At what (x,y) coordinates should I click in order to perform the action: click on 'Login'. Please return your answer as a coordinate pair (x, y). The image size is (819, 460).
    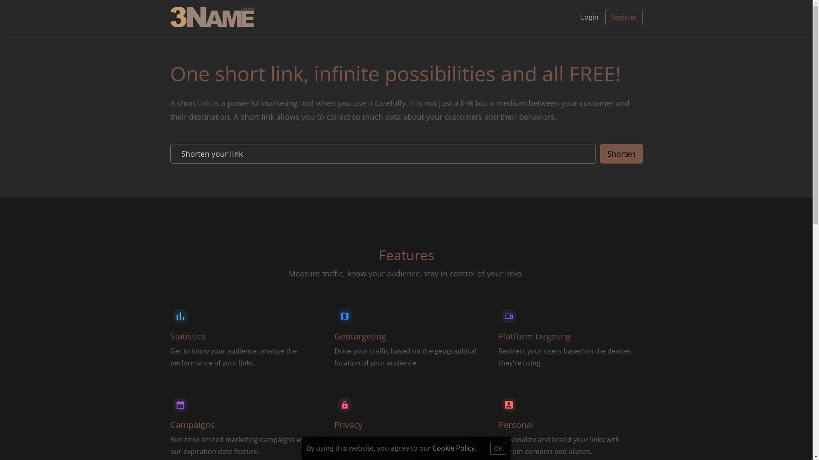
    Looking at the image, I should click on (574, 17).